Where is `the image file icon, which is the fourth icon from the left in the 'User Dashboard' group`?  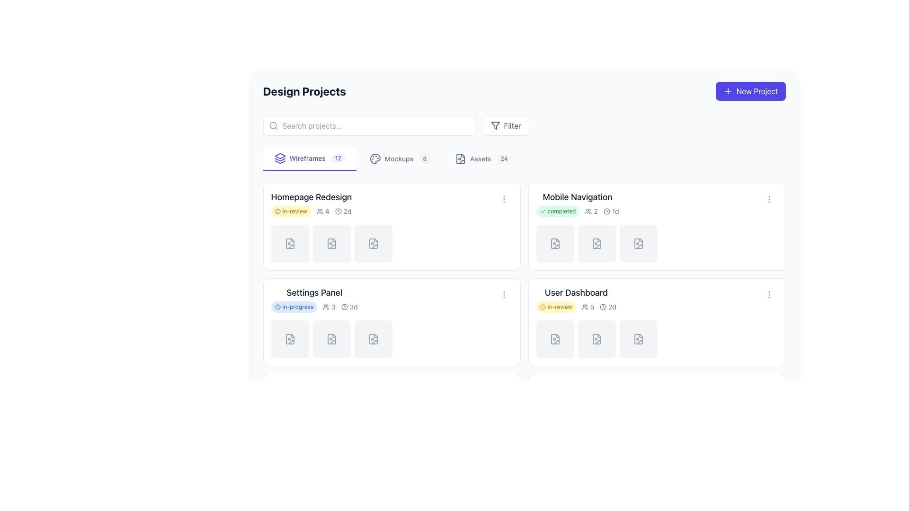 the image file icon, which is the fourth icon from the left in the 'User Dashboard' group is located at coordinates (638, 339).